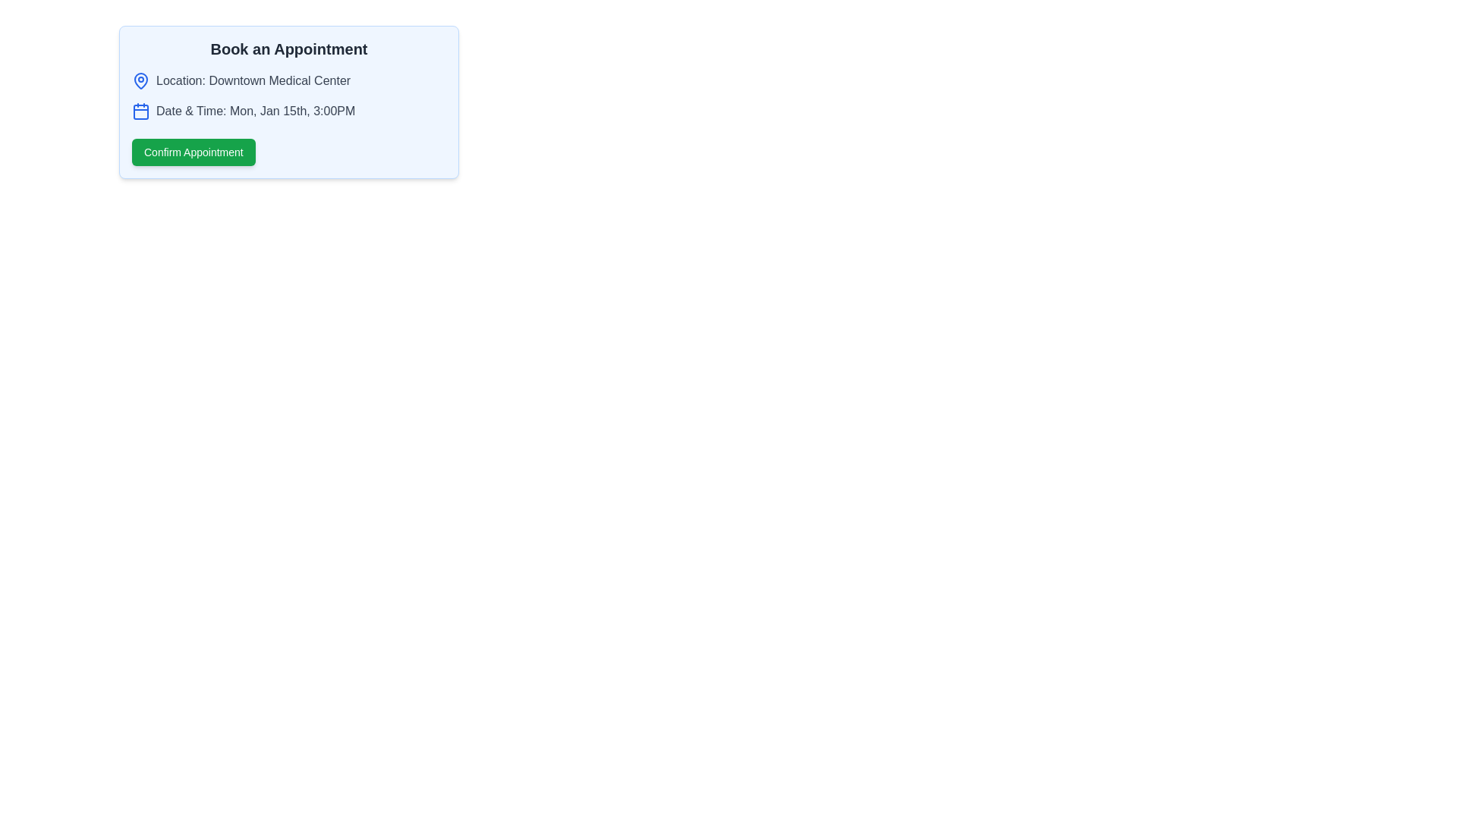  I want to click on the 'Date & Time: Mon, Jan 15th, 3:00PM' text element with a blue calendar icon, positioned below 'Location: Downtown Medical Center' and above the 'Confirm Appointment' button, so click(288, 110).